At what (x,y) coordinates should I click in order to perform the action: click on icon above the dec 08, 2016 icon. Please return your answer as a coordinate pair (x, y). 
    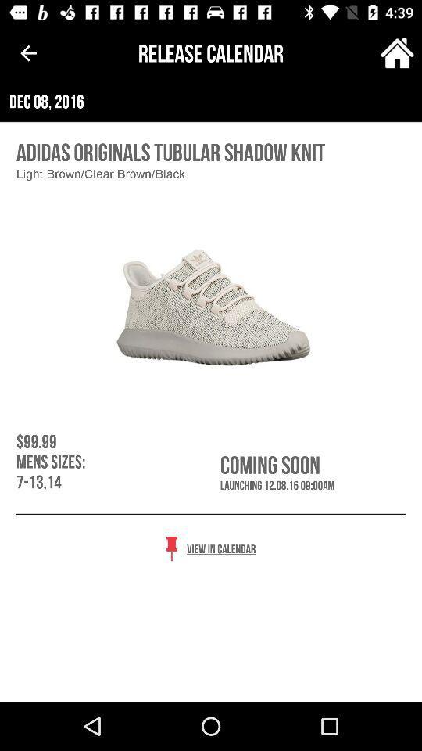
    Looking at the image, I should click on (28, 53).